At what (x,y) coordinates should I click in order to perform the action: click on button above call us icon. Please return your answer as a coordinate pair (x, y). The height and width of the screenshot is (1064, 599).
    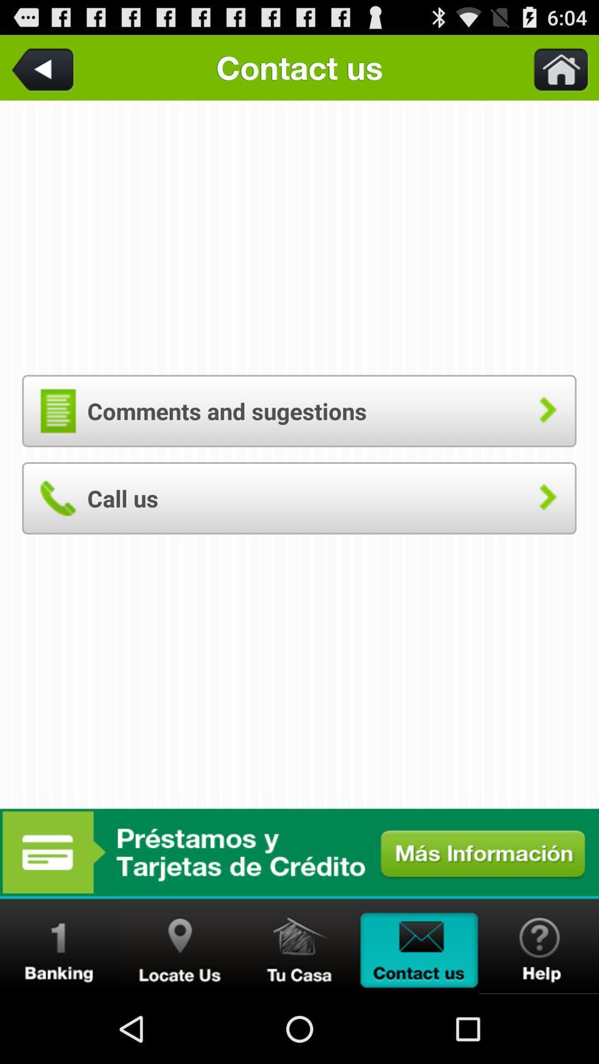
    Looking at the image, I should click on (298, 410).